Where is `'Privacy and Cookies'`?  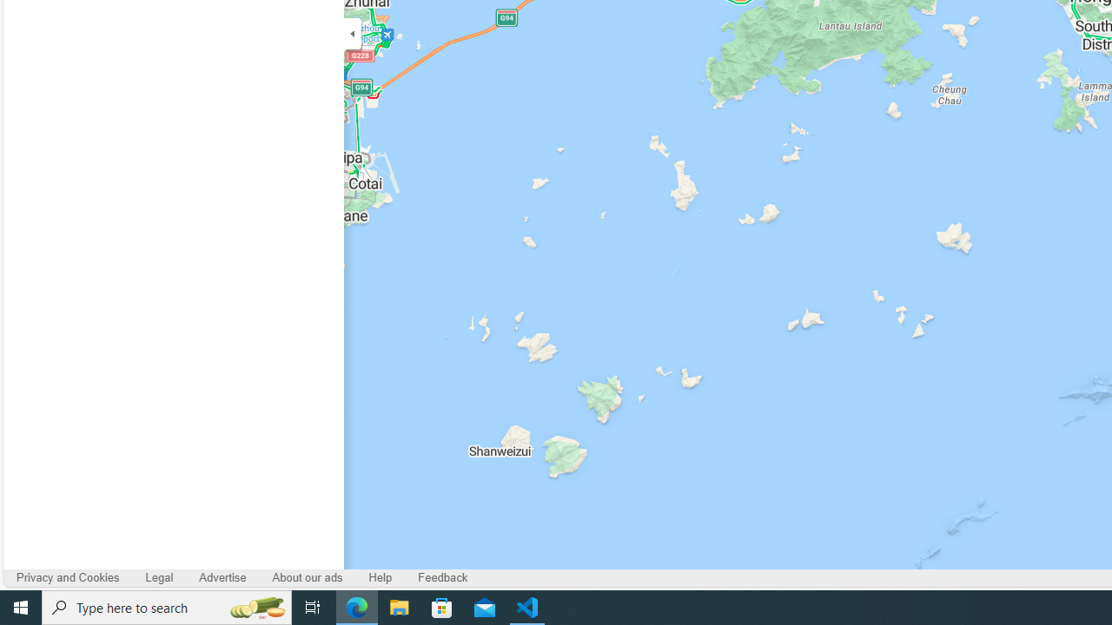
'Privacy and Cookies' is located at coordinates (68, 577).